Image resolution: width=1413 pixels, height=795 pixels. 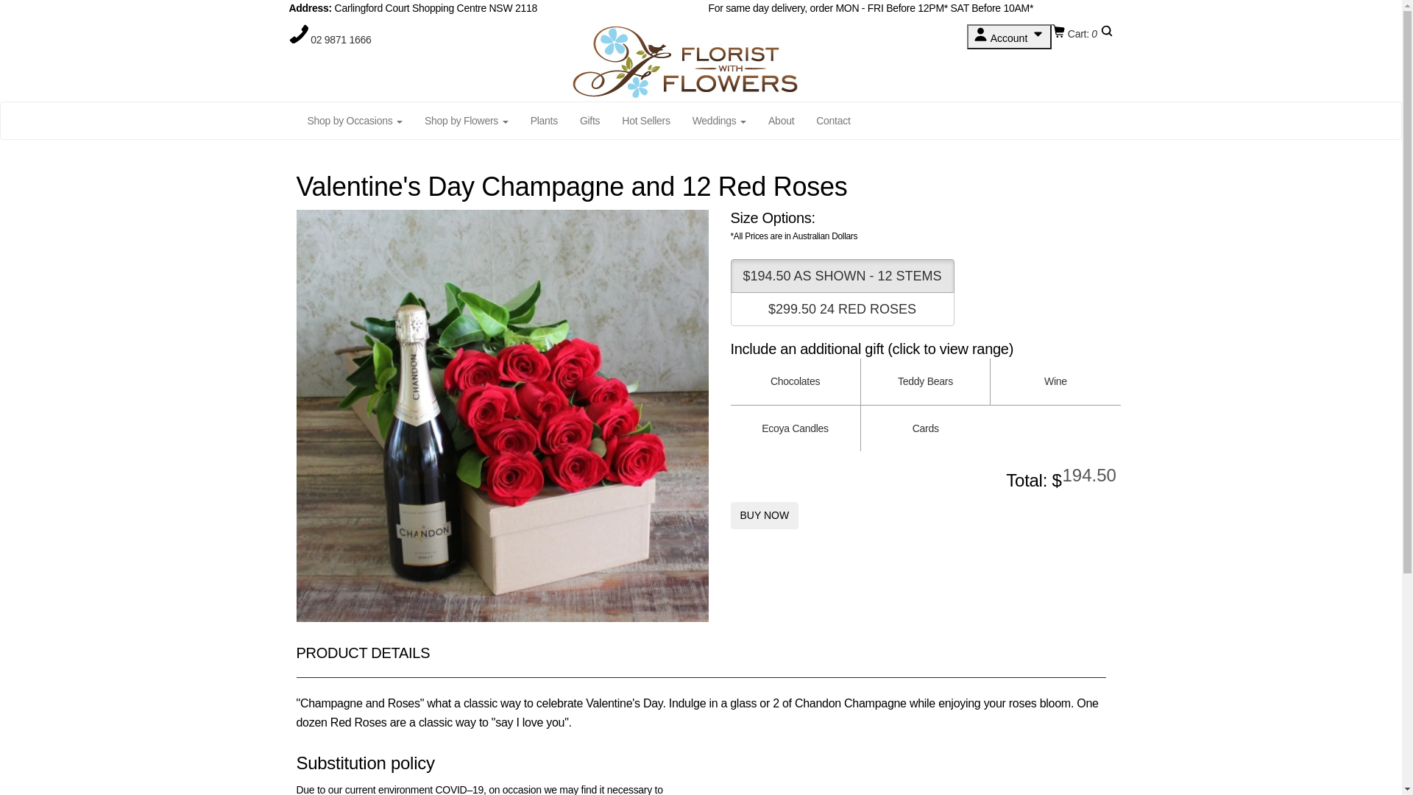 I want to click on 'Chocolates', so click(x=769, y=380).